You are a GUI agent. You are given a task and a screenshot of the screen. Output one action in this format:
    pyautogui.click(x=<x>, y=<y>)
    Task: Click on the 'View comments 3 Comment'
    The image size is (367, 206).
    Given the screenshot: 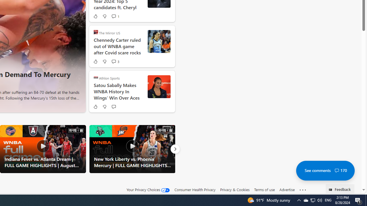 What is the action you would take?
    pyautogui.click(x=114, y=62)
    